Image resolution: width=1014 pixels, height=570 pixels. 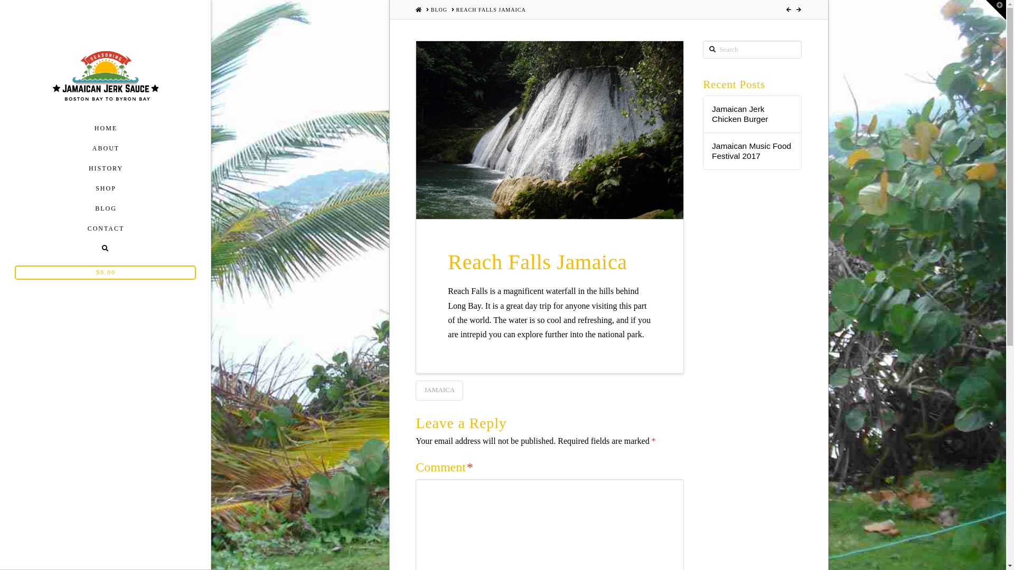 What do you see at coordinates (439, 391) in the screenshot?
I see `'JAMAICA'` at bounding box center [439, 391].